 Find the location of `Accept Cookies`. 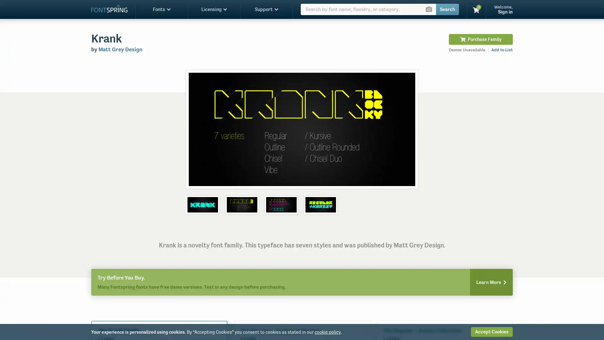

Accept Cookies is located at coordinates (491, 331).